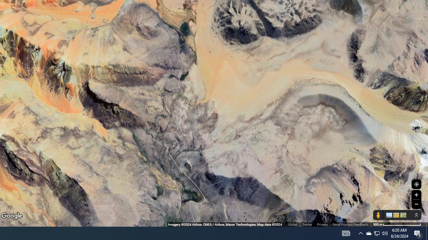 The image size is (428, 240). What do you see at coordinates (350, 224) in the screenshot?
I see `'Send Product Feedback'` at bounding box center [350, 224].